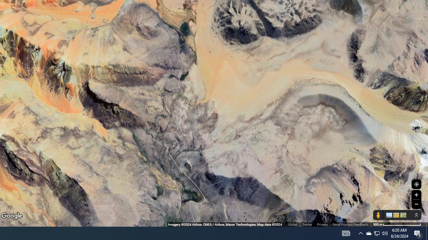 The image size is (428, 240). What do you see at coordinates (350, 224) in the screenshot?
I see `'Send Product Feedback'` at bounding box center [350, 224].